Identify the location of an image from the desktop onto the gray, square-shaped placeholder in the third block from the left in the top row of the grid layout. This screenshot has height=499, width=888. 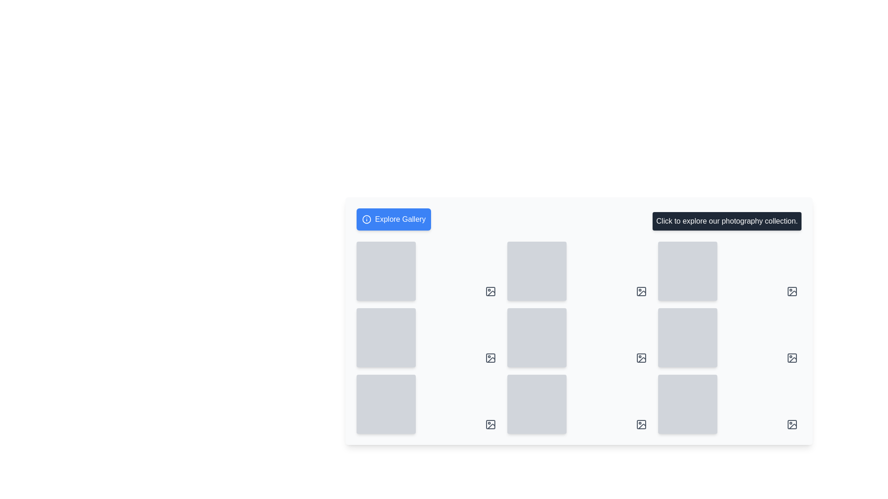
(729, 270).